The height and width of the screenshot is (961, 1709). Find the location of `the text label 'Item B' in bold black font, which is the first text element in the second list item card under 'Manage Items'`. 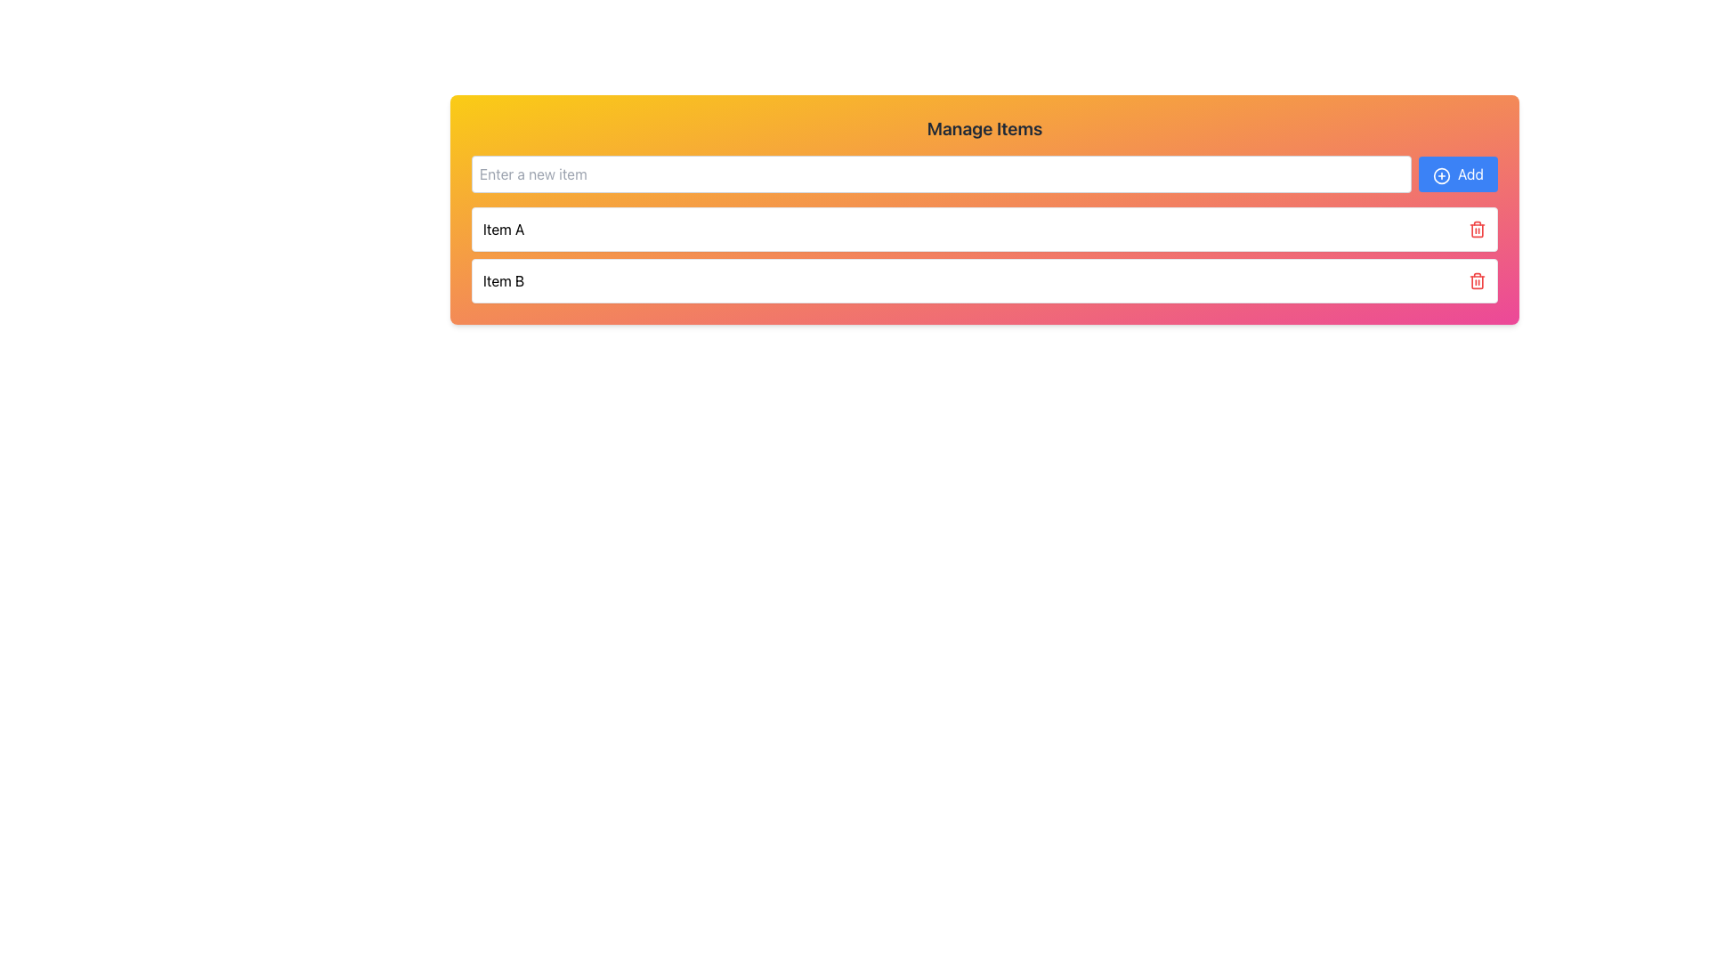

the text label 'Item B' in bold black font, which is the first text element in the second list item card under 'Manage Items' is located at coordinates (503, 280).